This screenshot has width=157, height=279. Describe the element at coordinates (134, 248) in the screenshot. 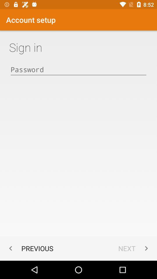

I see `the item next to previous app` at that location.